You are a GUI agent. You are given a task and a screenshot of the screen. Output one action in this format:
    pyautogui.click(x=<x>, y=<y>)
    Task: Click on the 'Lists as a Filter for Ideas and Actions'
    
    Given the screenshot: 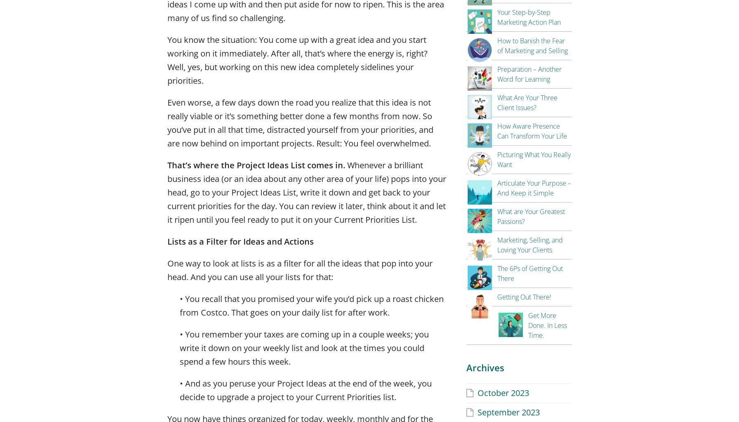 What is the action you would take?
    pyautogui.click(x=240, y=241)
    